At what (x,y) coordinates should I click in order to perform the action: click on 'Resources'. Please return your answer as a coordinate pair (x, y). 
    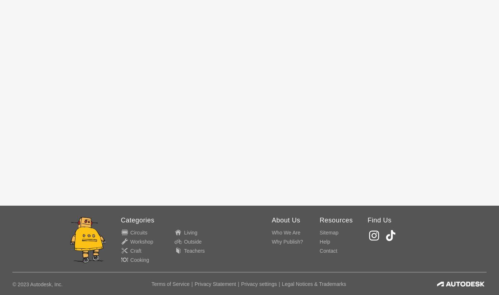
    Looking at the image, I should click on (319, 220).